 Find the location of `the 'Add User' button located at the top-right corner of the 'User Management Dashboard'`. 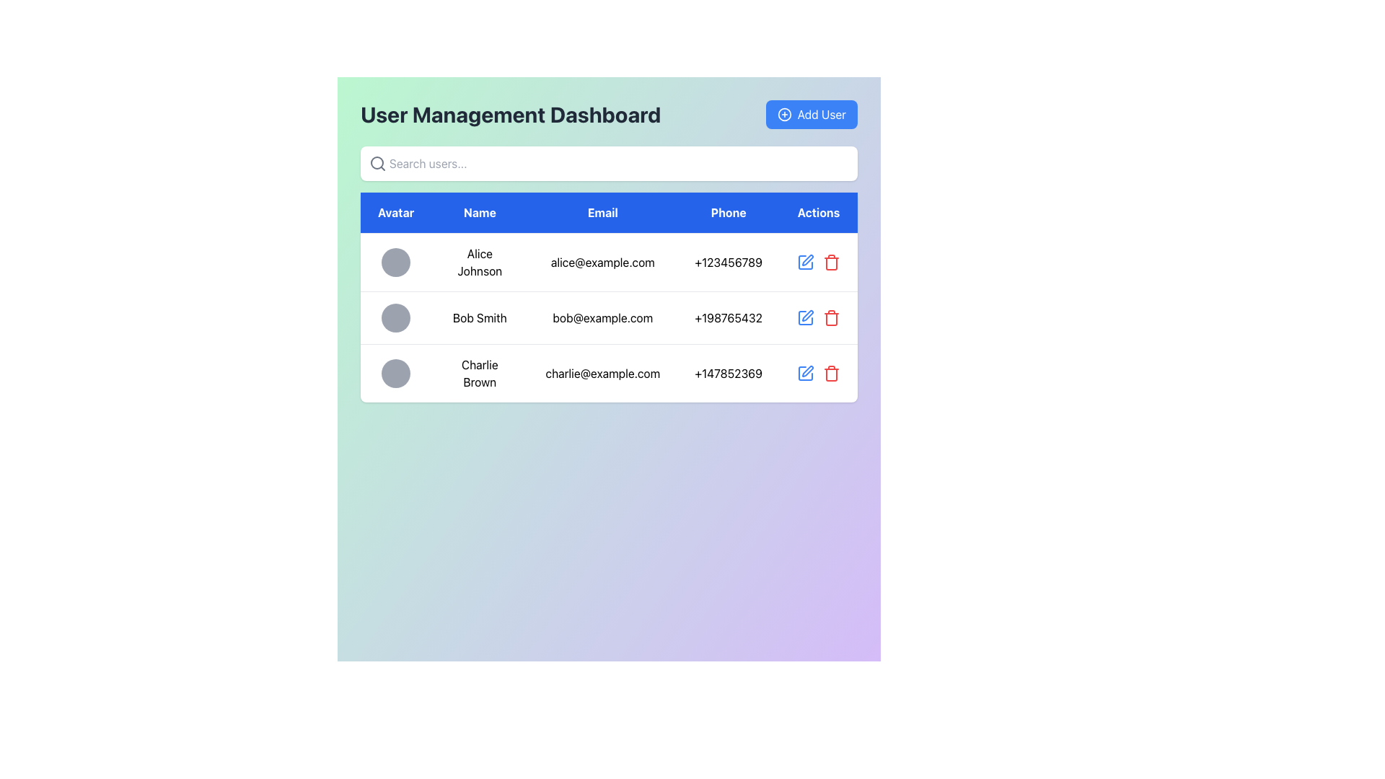

the 'Add User' button located at the top-right corner of the 'User Management Dashboard' is located at coordinates (812, 113).